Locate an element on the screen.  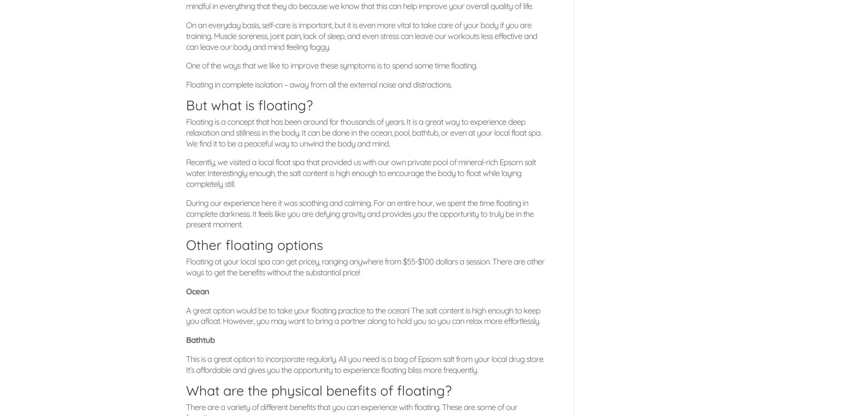
'A great option would be to take your floating practice to the ocean! The salt content is high enough to keep you afloat. However, you may want to bring a partner along to hold you so you can relax more effortlessly.' is located at coordinates (186, 315).